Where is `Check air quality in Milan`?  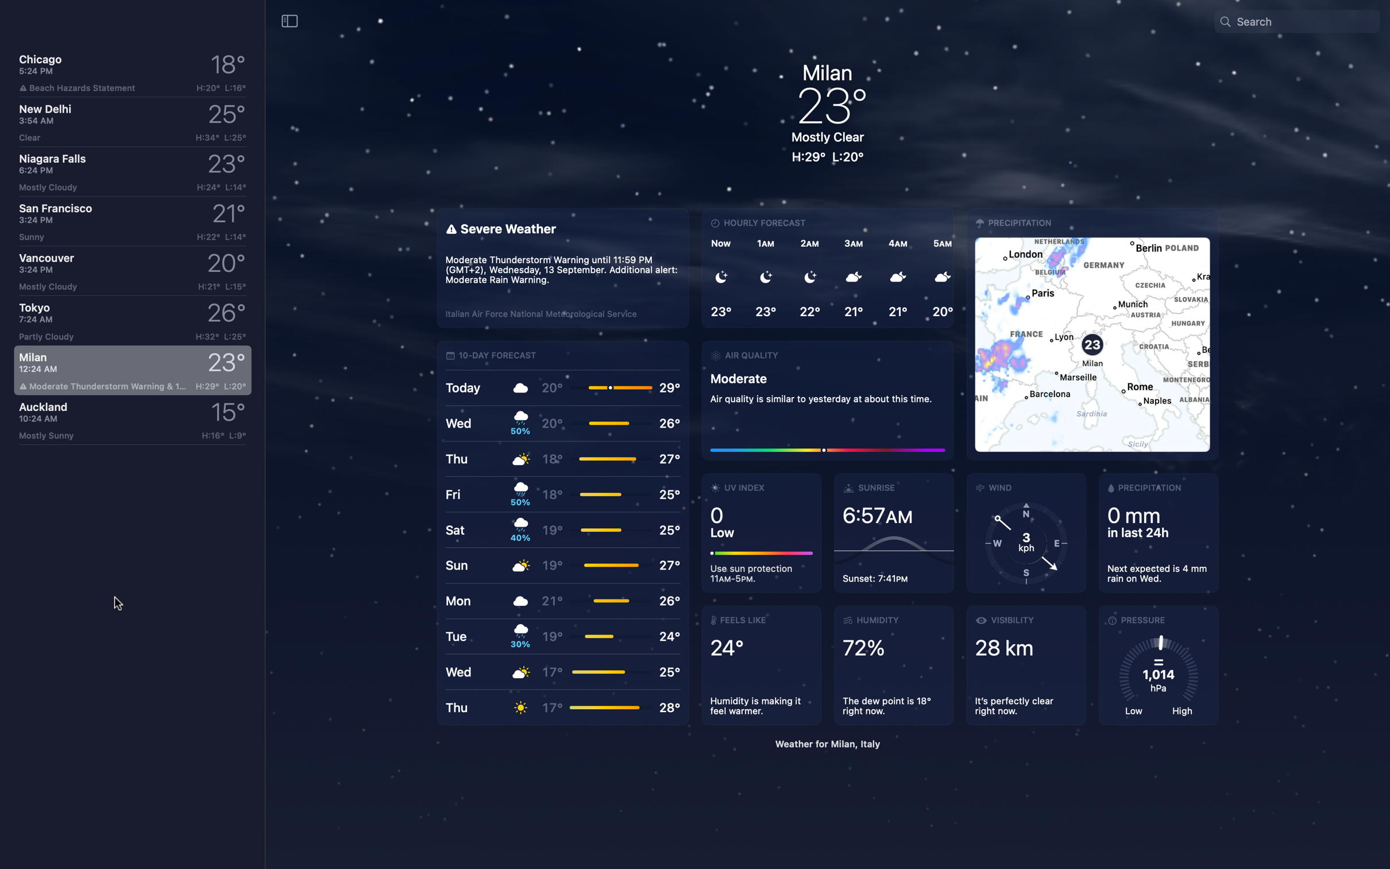
Check air quality in Milan is located at coordinates (827, 398).